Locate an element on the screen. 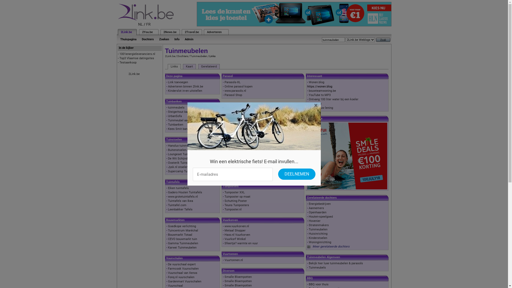 The height and width of the screenshot is (288, 512). 'Ontvang 100 liter water bij een koeler' is located at coordinates (333, 99).